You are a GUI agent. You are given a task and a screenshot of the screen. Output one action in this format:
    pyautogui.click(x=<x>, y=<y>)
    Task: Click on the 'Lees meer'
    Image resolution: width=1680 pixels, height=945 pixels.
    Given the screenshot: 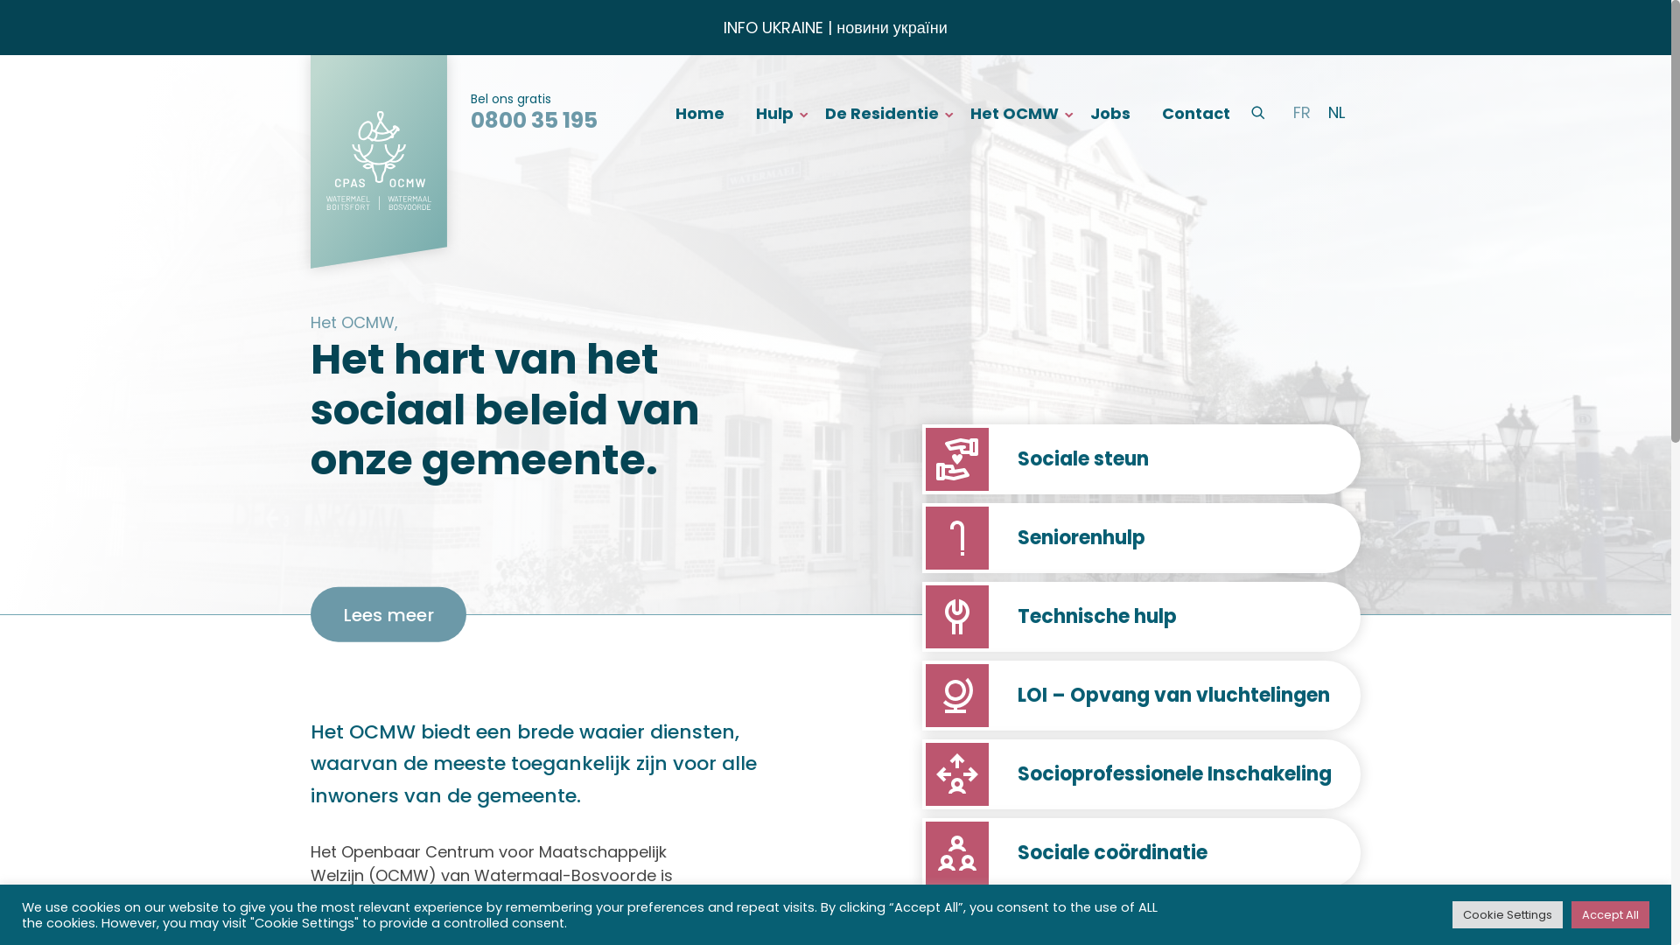 What is the action you would take?
    pyautogui.click(x=388, y=612)
    